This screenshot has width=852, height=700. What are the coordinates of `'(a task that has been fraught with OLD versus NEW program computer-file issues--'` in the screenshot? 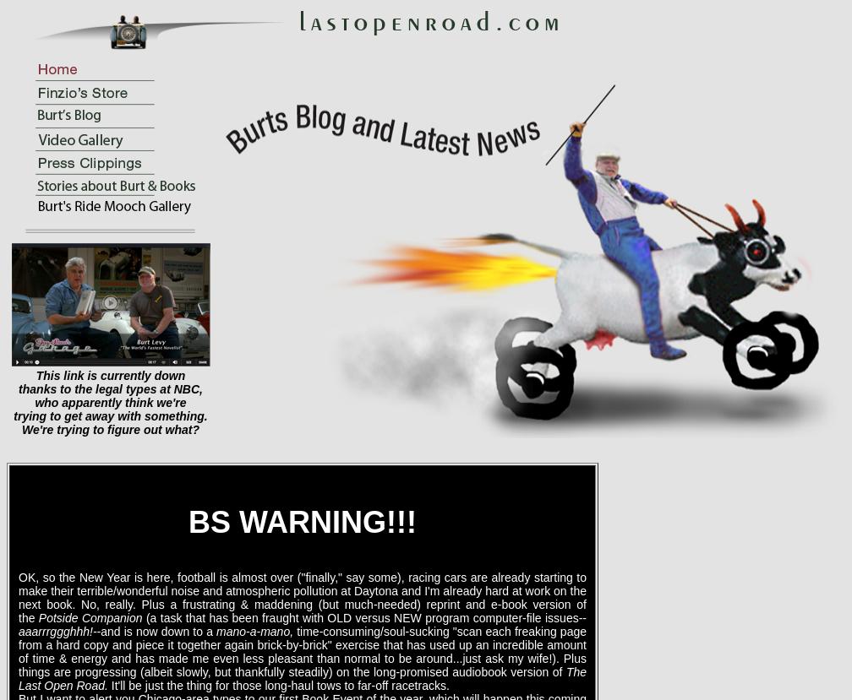 It's located at (366, 617).